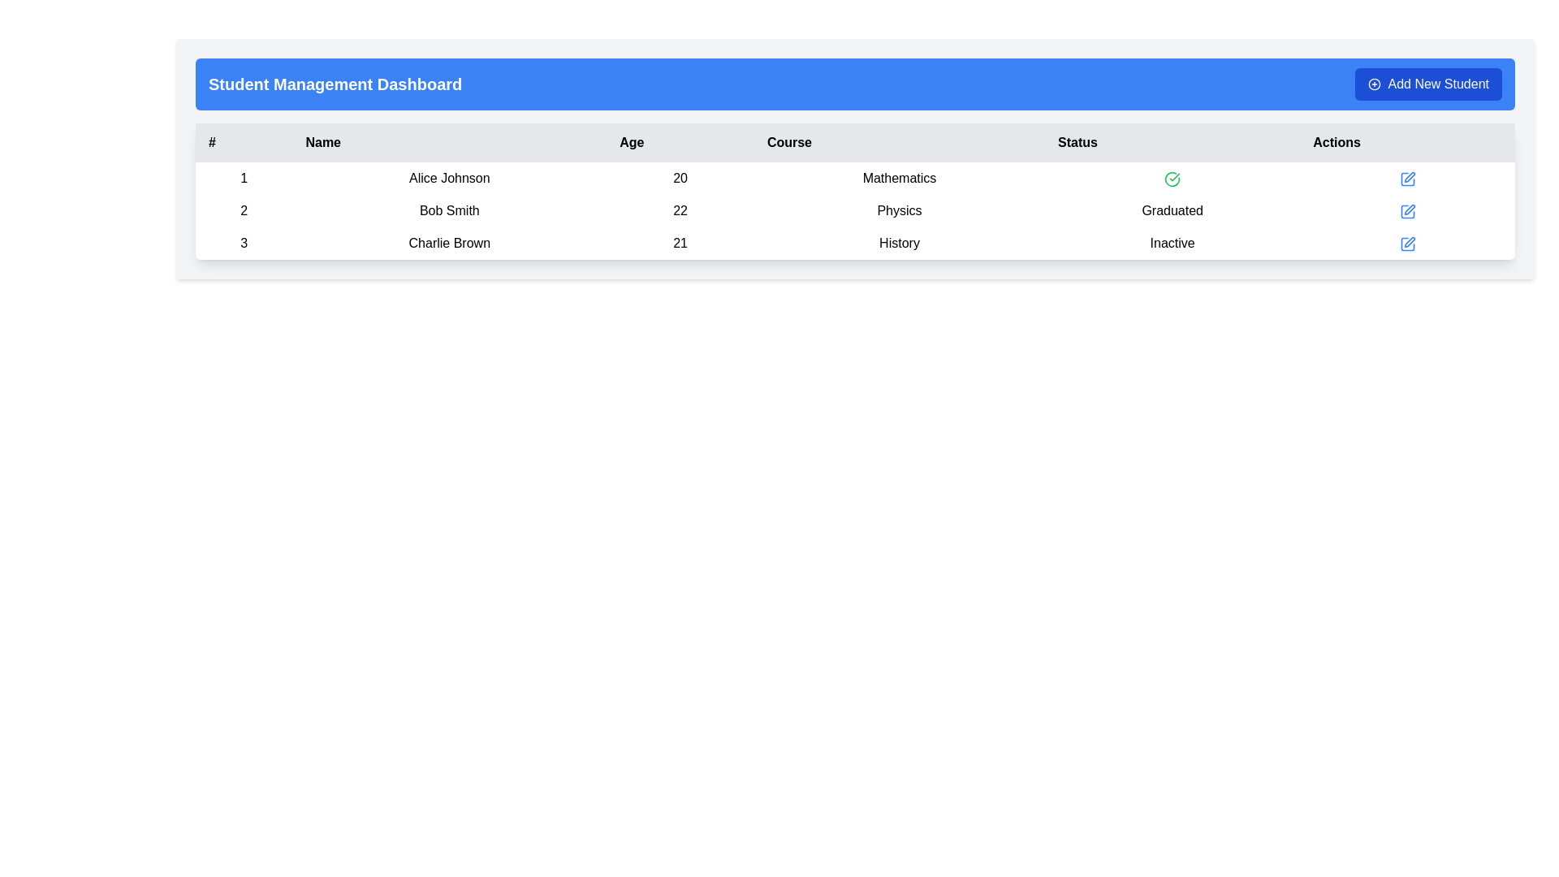  Describe the element at coordinates (1406, 210) in the screenshot. I see `the edit icon button in the rightmost column of the second row in the 'Student Management Dashboard' to initiate an edit action for the details of 'Bob Smith'` at that location.